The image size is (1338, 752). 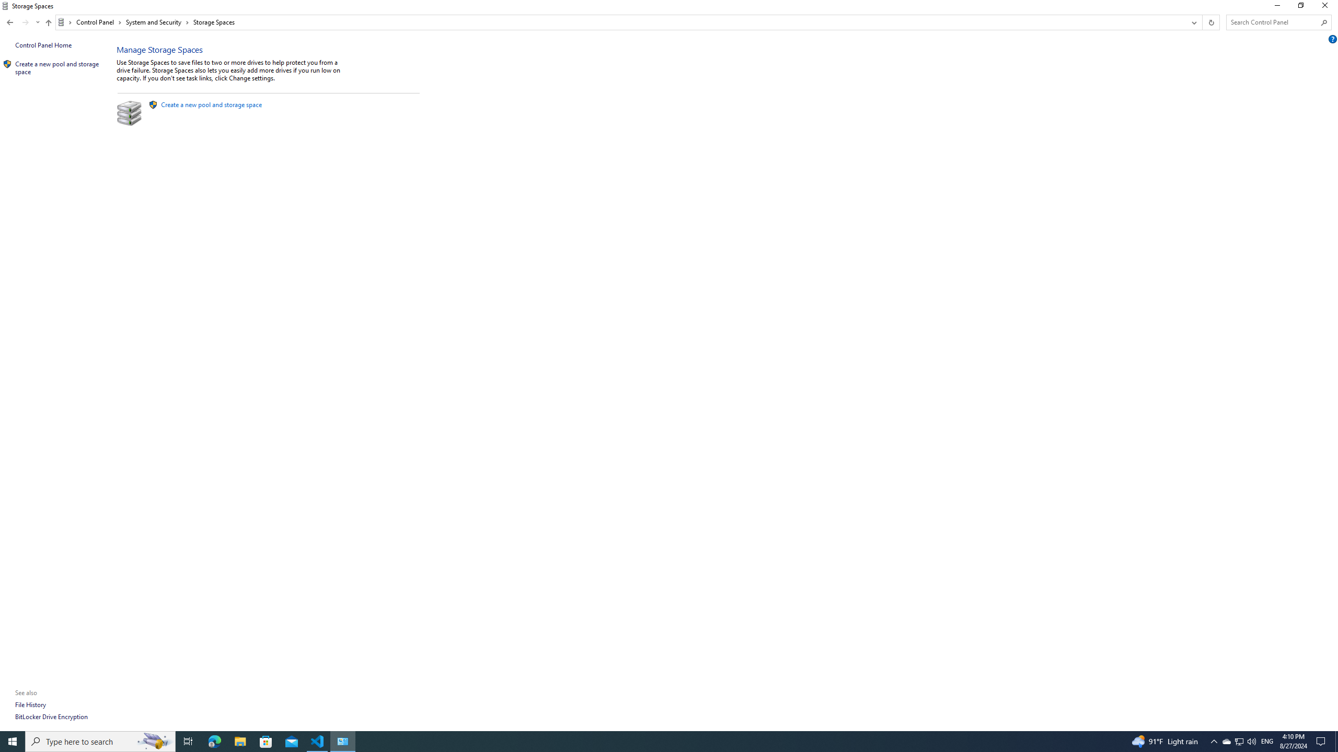 What do you see at coordinates (157, 22) in the screenshot?
I see `'System and Security'` at bounding box center [157, 22].